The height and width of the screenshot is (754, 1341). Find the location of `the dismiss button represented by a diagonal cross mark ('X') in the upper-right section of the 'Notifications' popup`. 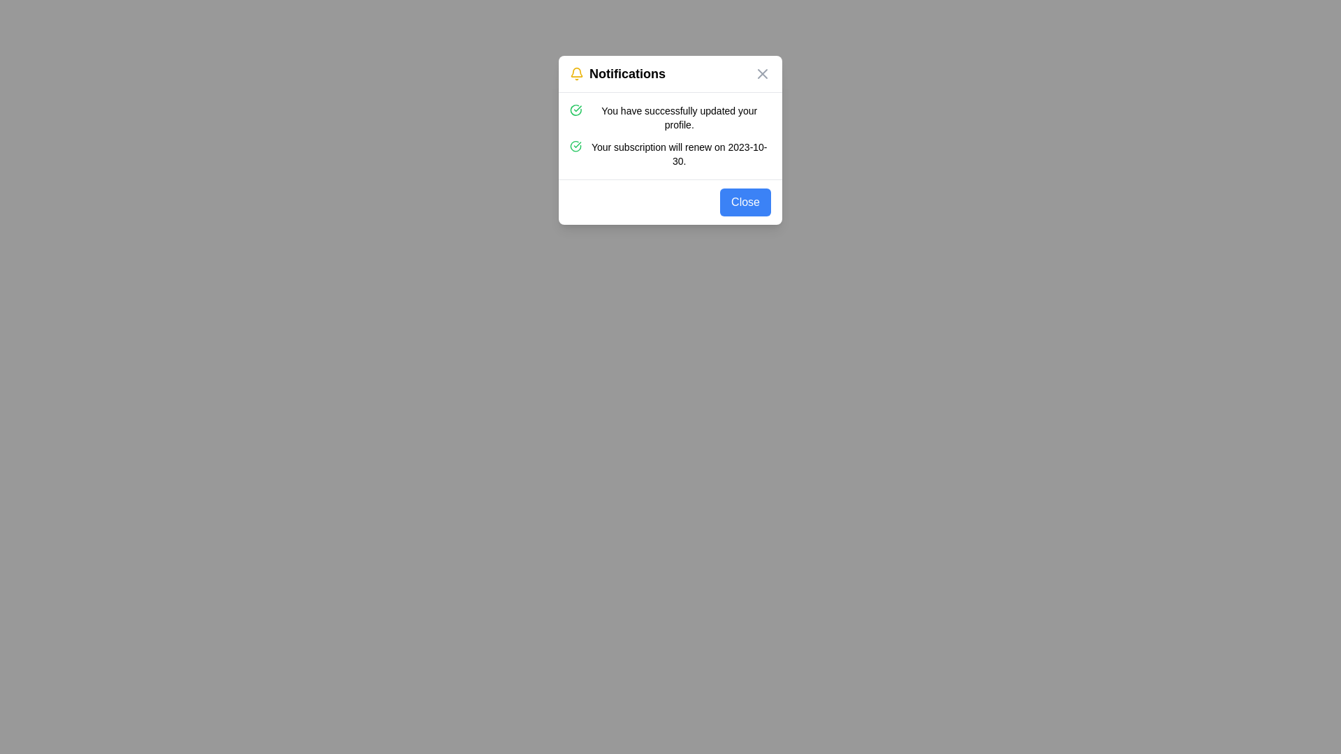

the dismiss button represented by a diagonal cross mark ('X') in the upper-right section of the 'Notifications' popup is located at coordinates (761, 73).